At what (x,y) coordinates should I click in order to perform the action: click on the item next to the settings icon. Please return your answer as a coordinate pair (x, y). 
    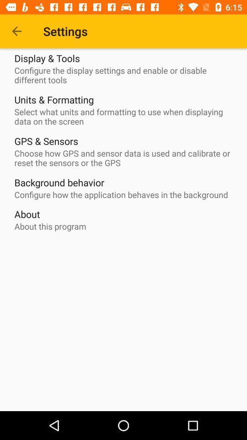
    Looking at the image, I should click on (16, 31).